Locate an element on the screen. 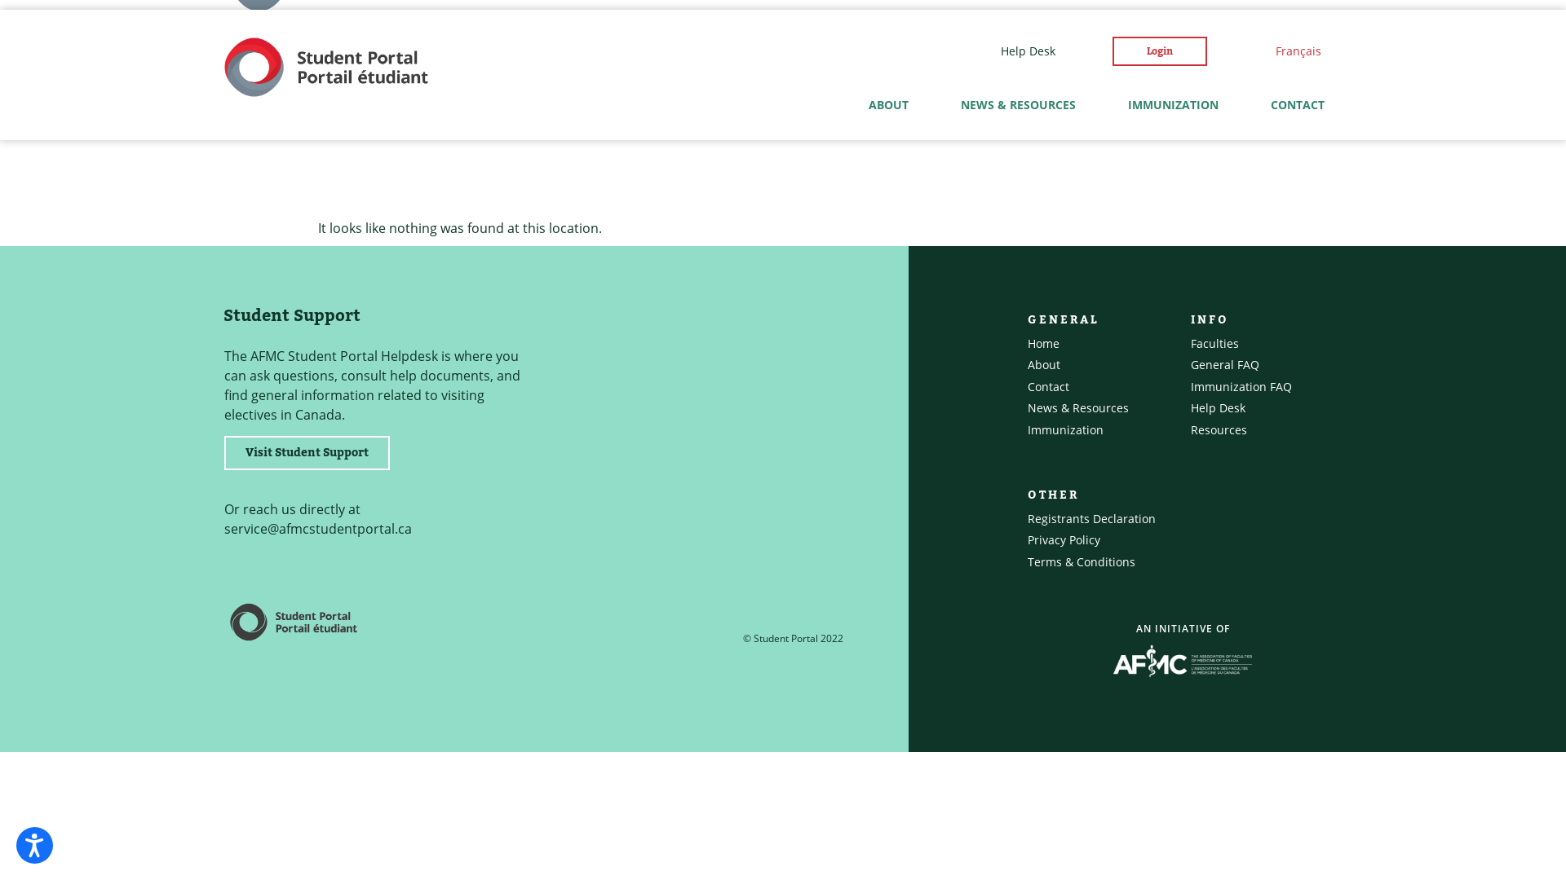 The image size is (1566, 880). 'General FAQ' is located at coordinates (1225, 363).